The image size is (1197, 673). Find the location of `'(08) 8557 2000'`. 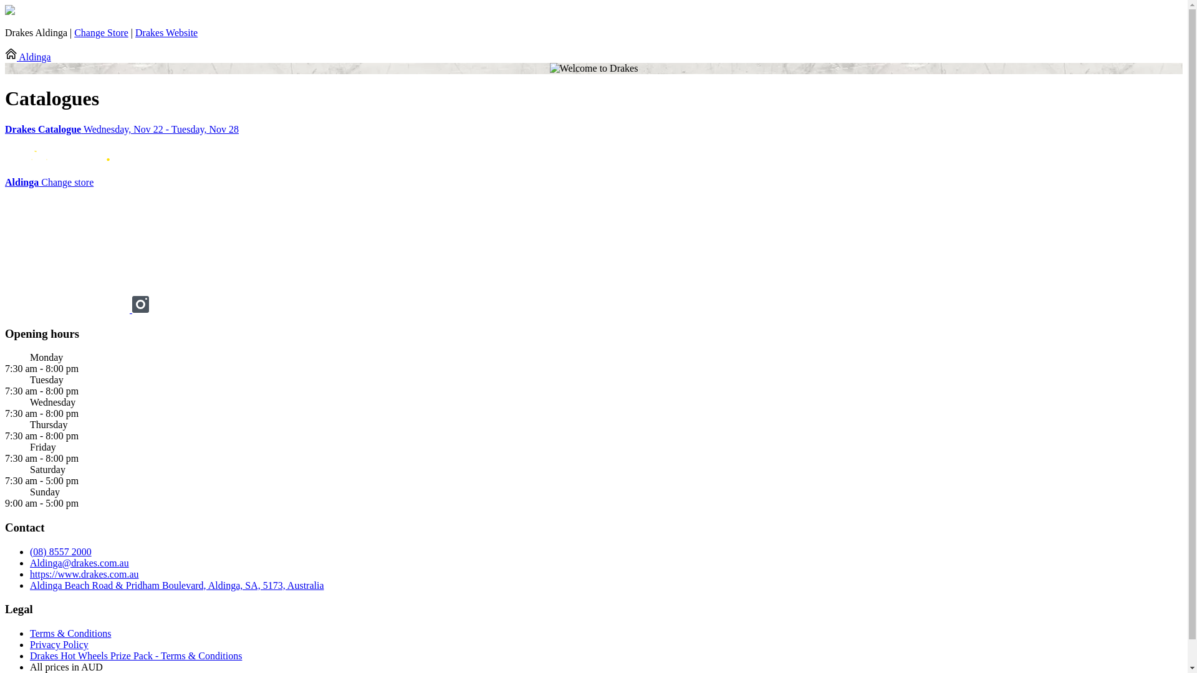

'(08) 8557 2000' is located at coordinates (60, 551).